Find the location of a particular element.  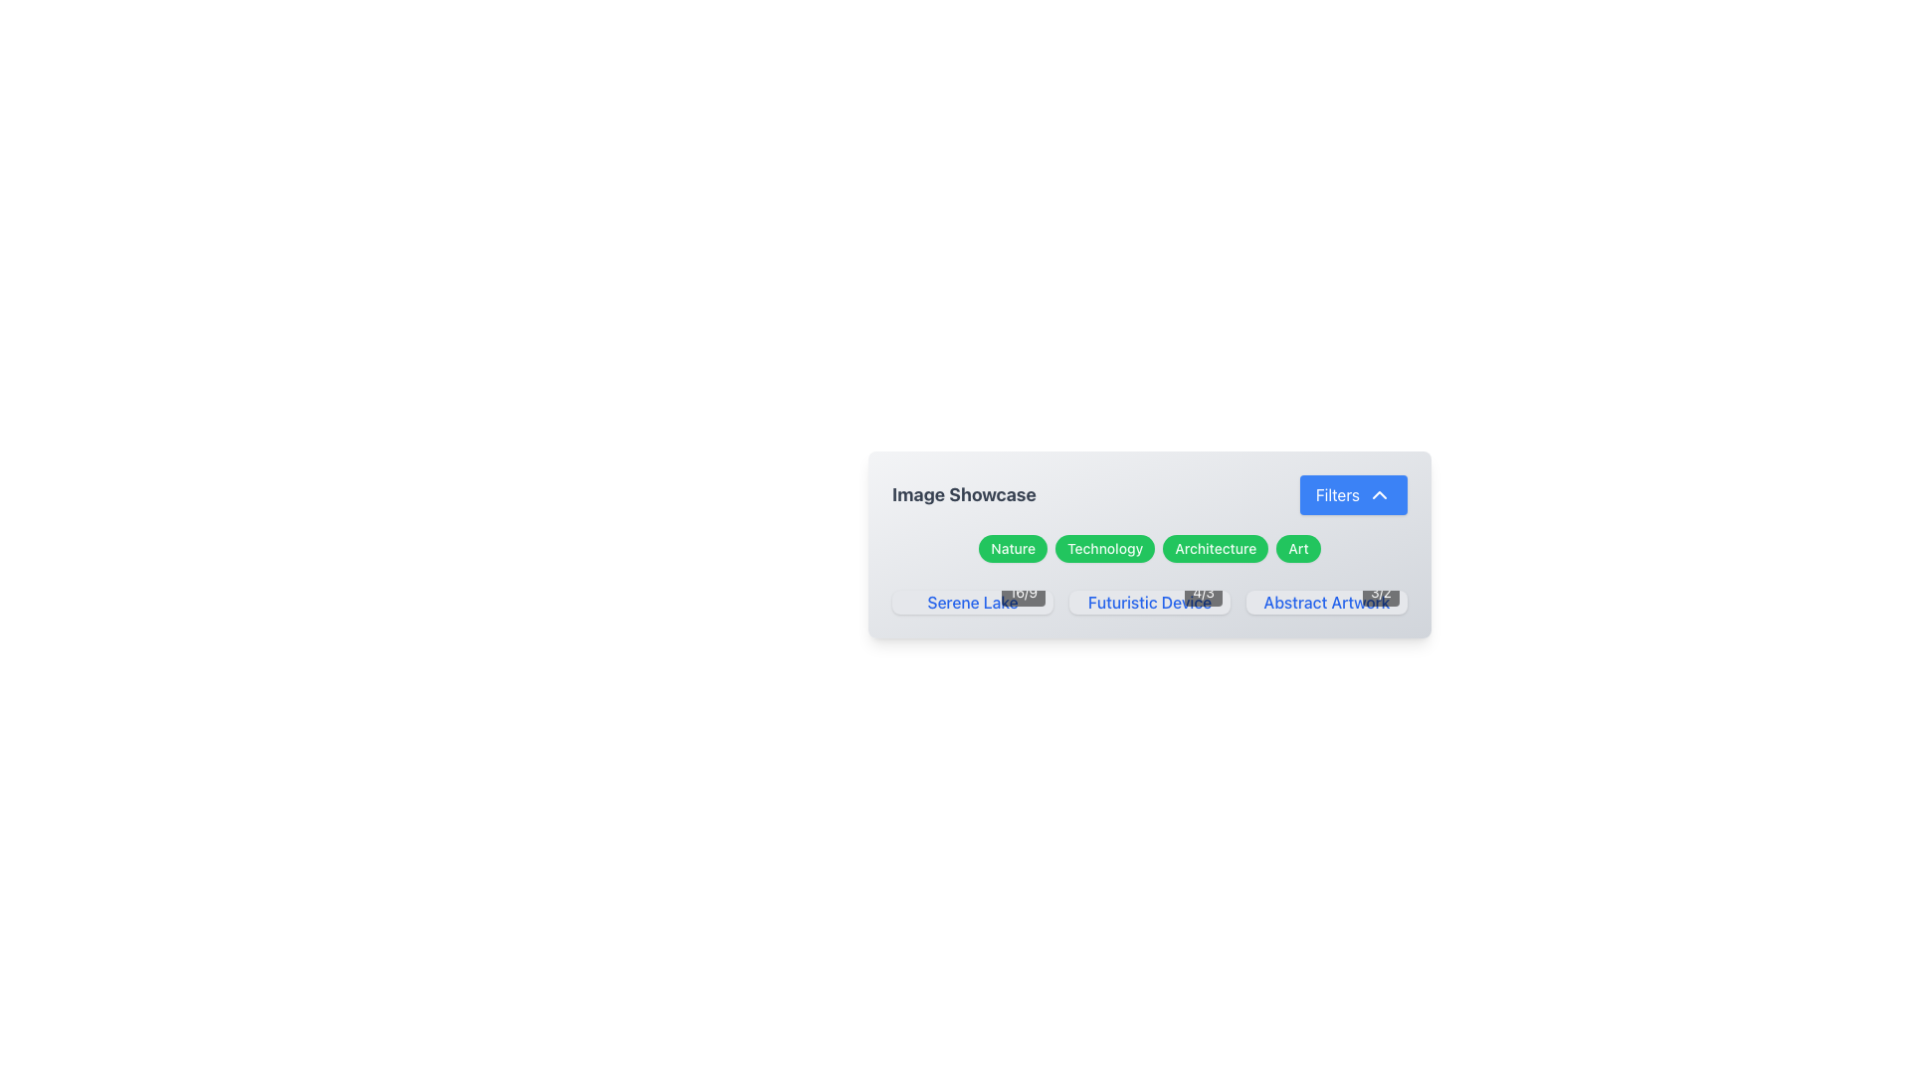

the text label displaying '4/3' in white on a semi-transparent black background located at the bottom-right corner of the 'Futuristic Device' section is located at coordinates (1203, 592).